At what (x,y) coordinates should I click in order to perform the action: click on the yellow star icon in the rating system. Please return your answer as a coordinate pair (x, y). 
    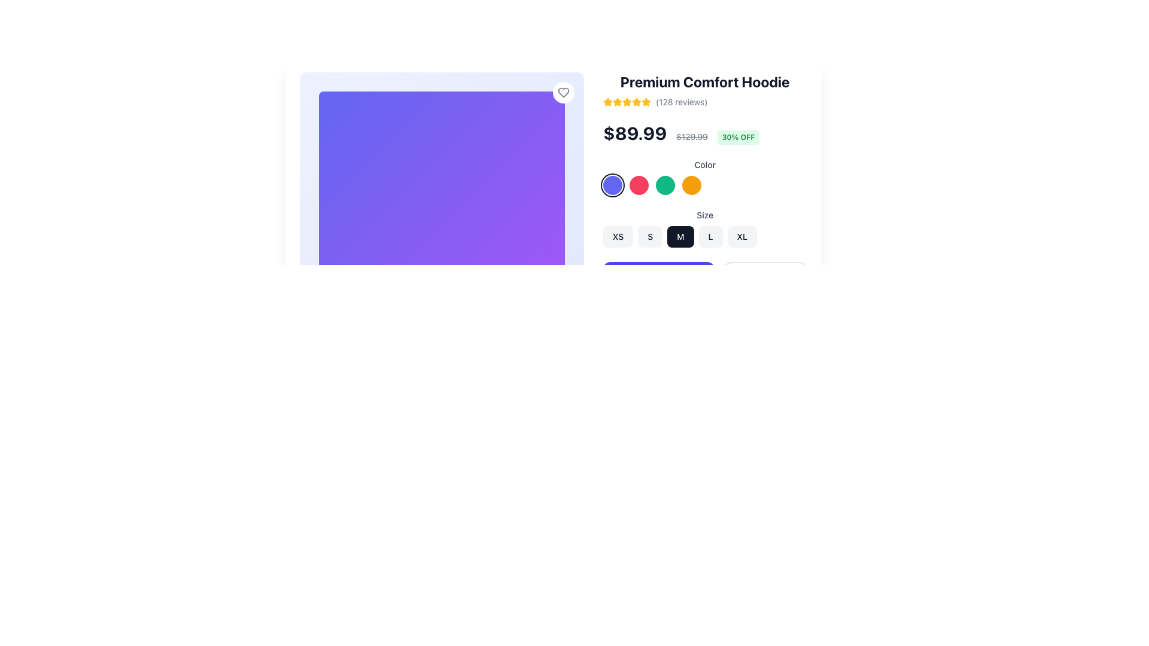
    Looking at the image, I should click on (626, 101).